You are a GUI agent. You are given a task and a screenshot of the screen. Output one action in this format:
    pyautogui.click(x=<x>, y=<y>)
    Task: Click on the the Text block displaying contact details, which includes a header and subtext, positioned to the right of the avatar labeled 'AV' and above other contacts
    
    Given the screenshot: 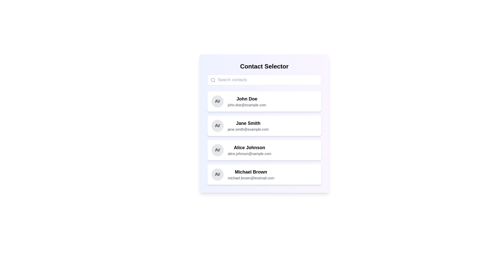 What is the action you would take?
    pyautogui.click(x=247, y=101)
    